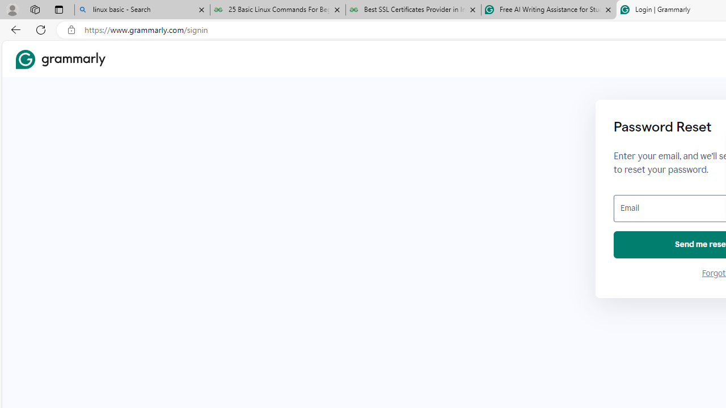  What do you see at coordinates (413, 10) in the screenshot?
I see `'Best SSL Certificates Provider in India - GeeksforGeeks'` at bounding box center [413, 10].